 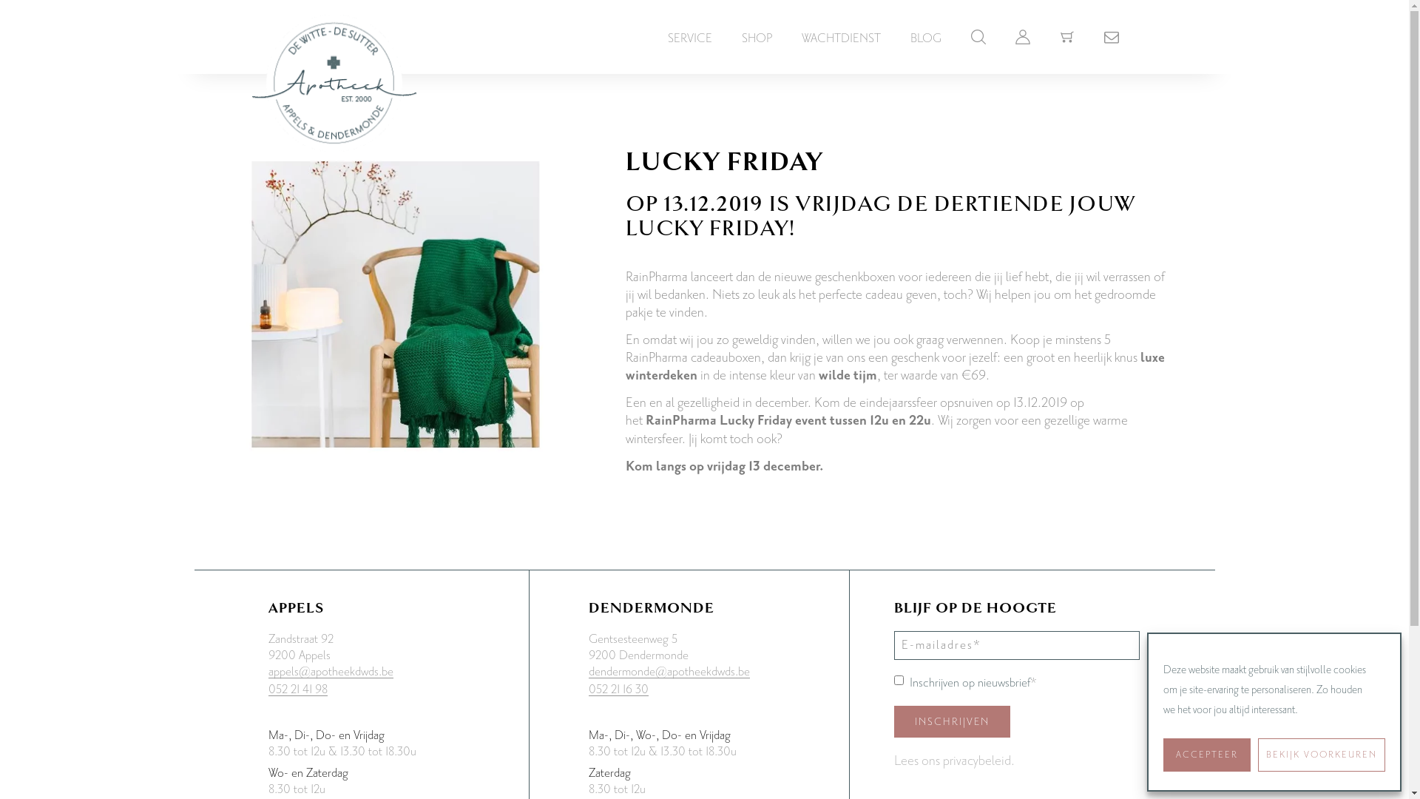 What do you see at coordinates (333, 68) in the screenshot?
I see `'Ga naar de homepagina'` at bounding box center [333, 68].